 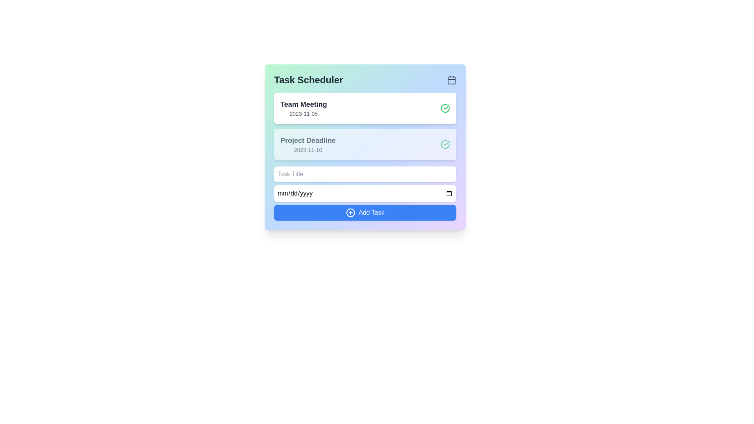 I want to click on scheduled date for the 'Team Meeting' task displayed in the second row of the 'Task Scheduler' section, so click(x=303, y=113).